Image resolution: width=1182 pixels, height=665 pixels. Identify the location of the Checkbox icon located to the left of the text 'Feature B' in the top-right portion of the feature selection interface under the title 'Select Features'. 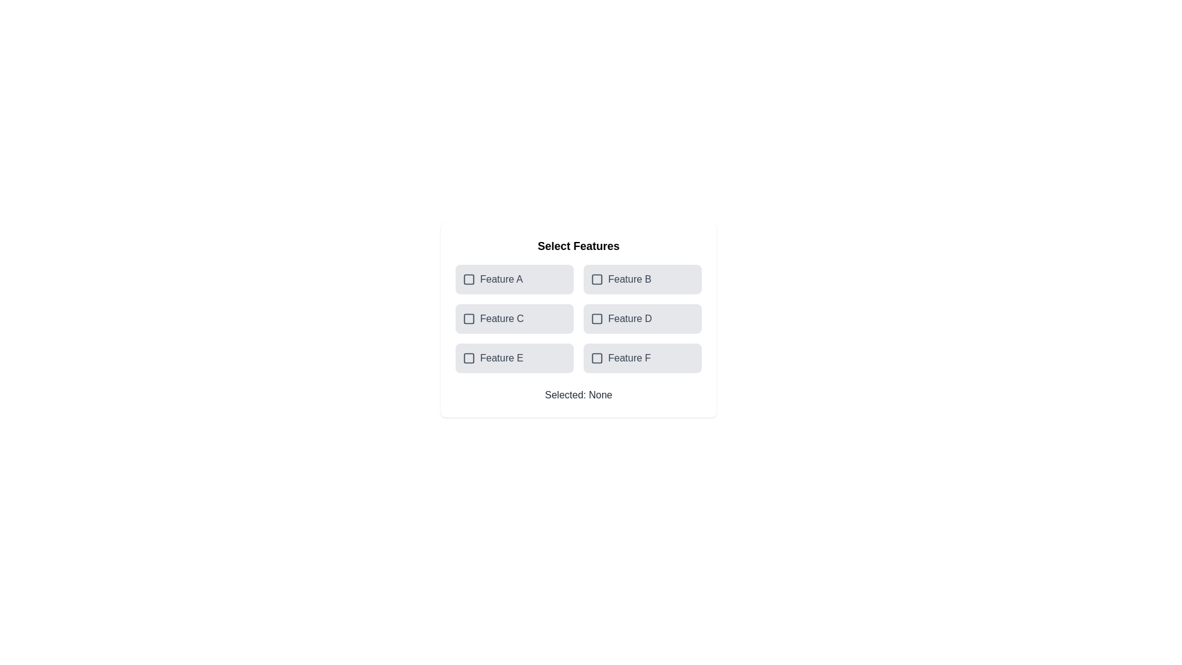
(597, 280).